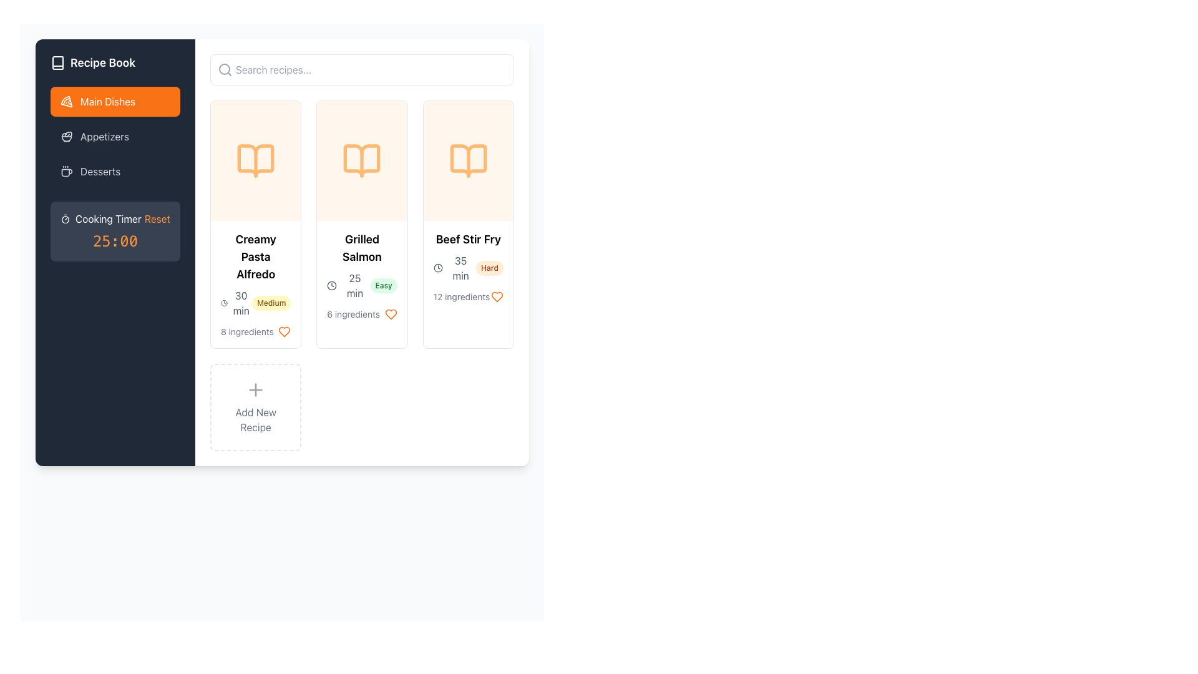 Image resolution: width=1198 pixels, height=674 pixels. What do you see at coordinates (361, 223) in the screenshot?
I see `the recipe summary card located in the middle column of the 'Main Dishes' section` at bounding box center [361, 223].